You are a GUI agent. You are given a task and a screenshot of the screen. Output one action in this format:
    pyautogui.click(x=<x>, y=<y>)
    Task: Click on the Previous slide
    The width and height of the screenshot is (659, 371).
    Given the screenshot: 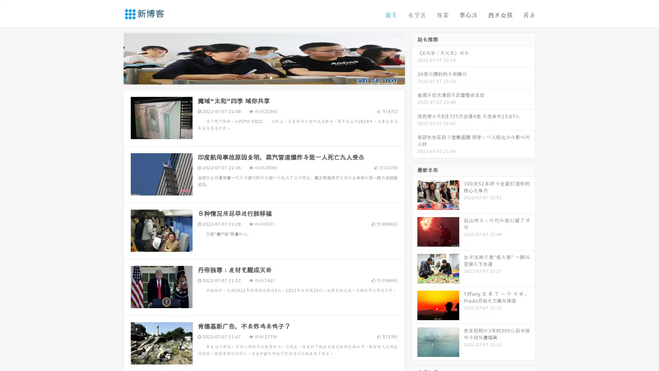 What is the action you would take?
    pyautogui.click(x=113, y=58)
    